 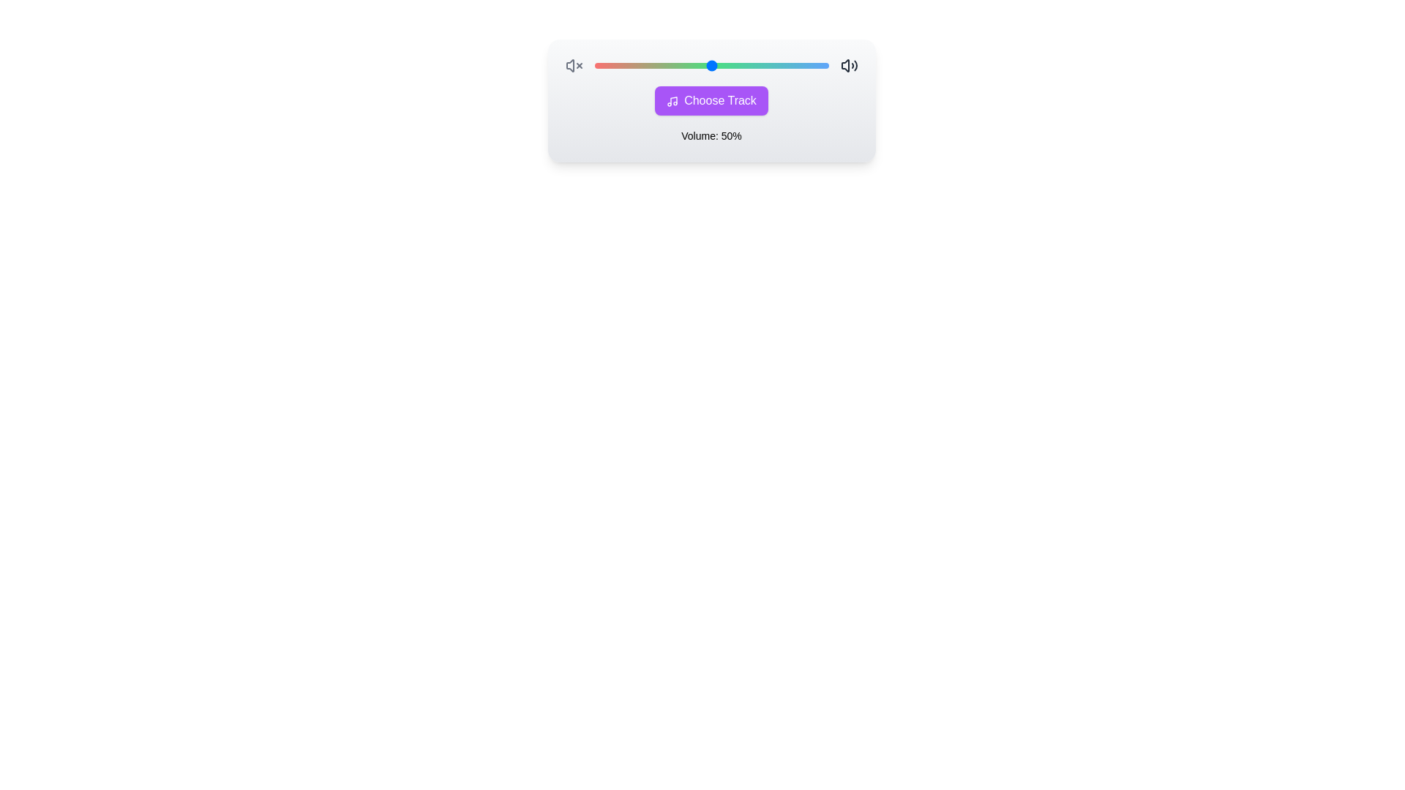 I want to click on the volume slider to set the volume to 31%, so click(x=594, y=64).